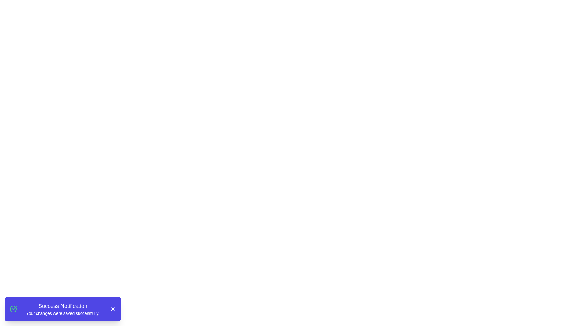 Image resolution: width=580 pixels, height=326 pixels. I want to click on the close button to observe additional styles, so click(113, 309).